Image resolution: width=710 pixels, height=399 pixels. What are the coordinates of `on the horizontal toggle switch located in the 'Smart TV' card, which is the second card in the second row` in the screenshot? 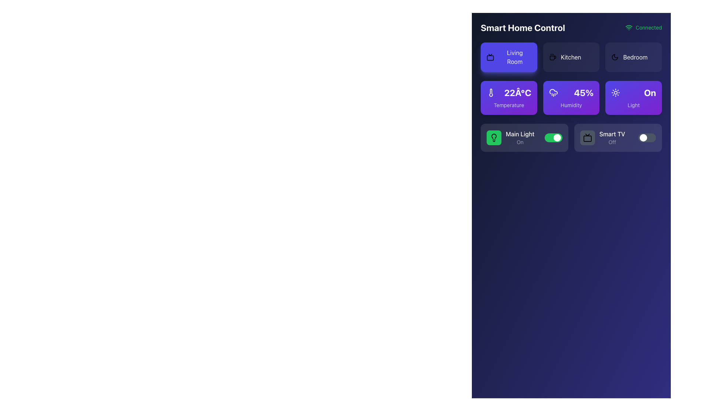 It's located at (647, 138).